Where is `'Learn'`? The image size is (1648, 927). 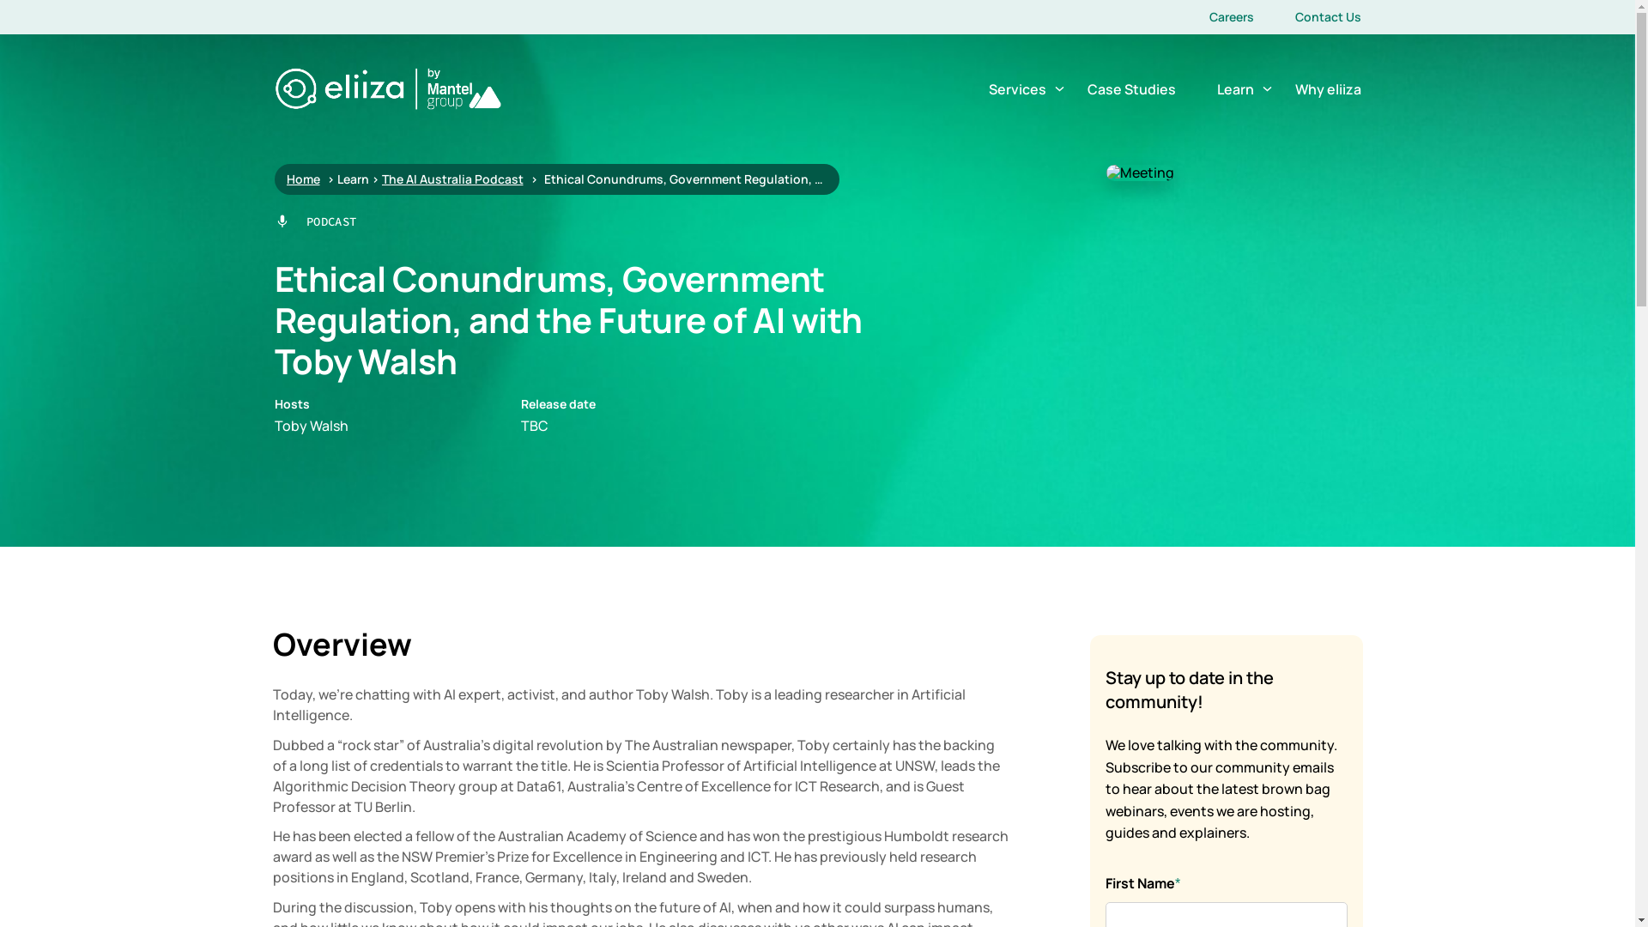 'Learn' is located at coordinates (1234, 89).